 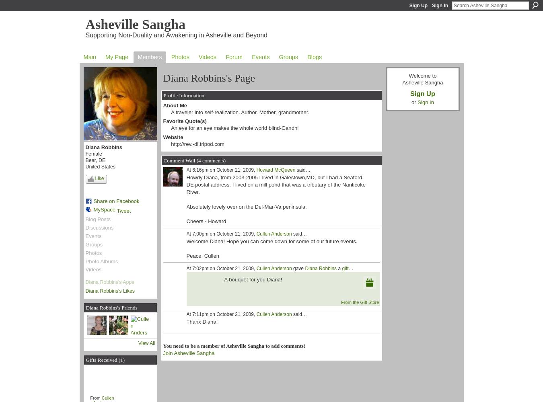 What do you see at coordinates (186, 314) in the screenshot?
I see `'At 7:11pm on October 21, 2009,'` at bounding box center [186, 314].